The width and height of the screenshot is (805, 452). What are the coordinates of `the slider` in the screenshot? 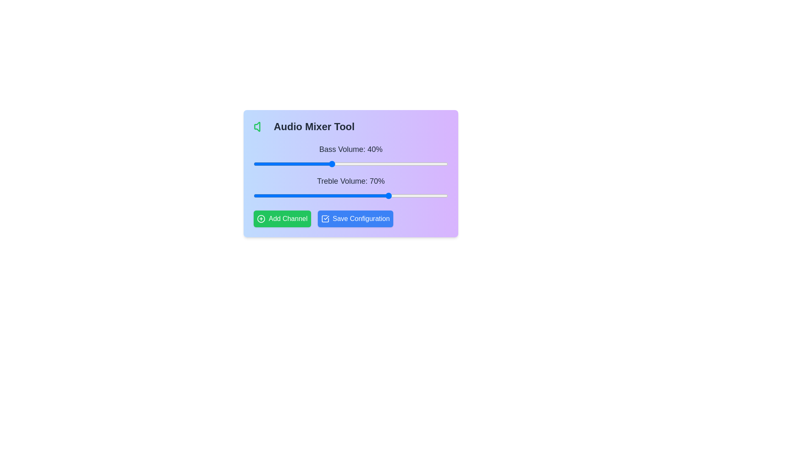 It's located at (432, 164).